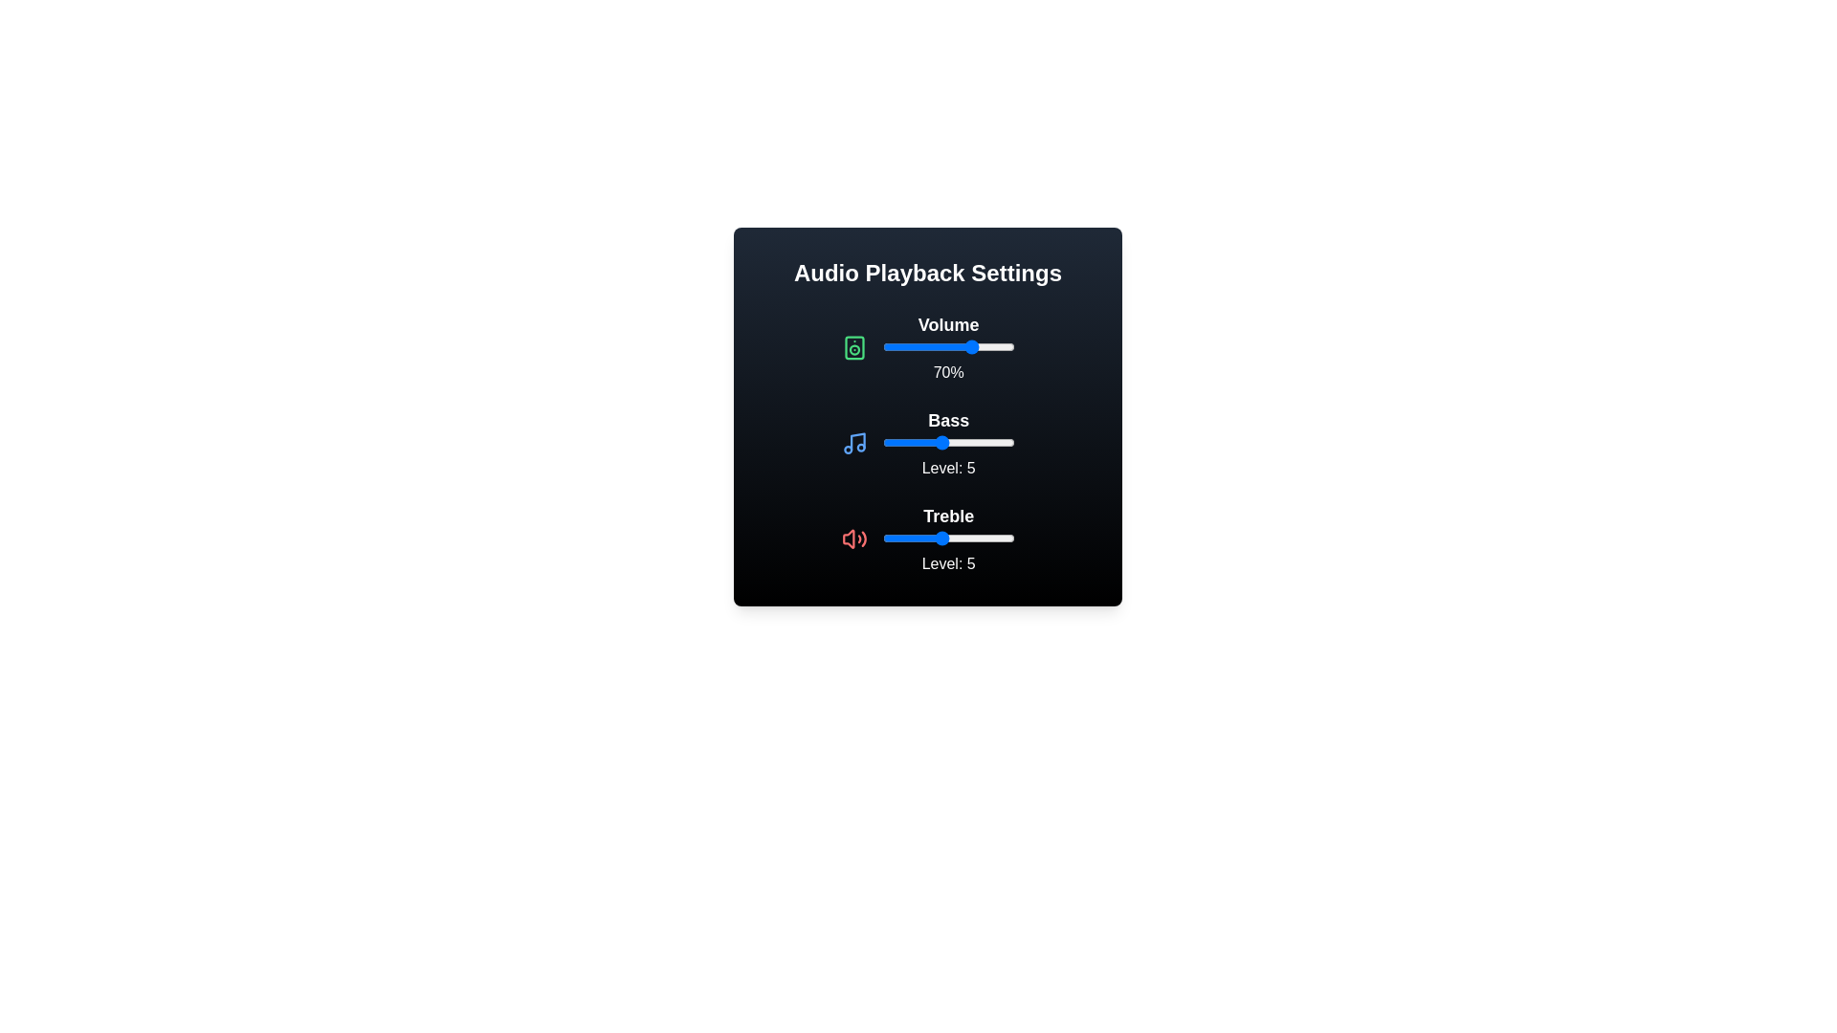  I want to click on text displayed in the Text label stating 'Level: 5', which is positioned below the 'Treble' slider in the 'Audio Playback Settings' section, so click(948, 563).